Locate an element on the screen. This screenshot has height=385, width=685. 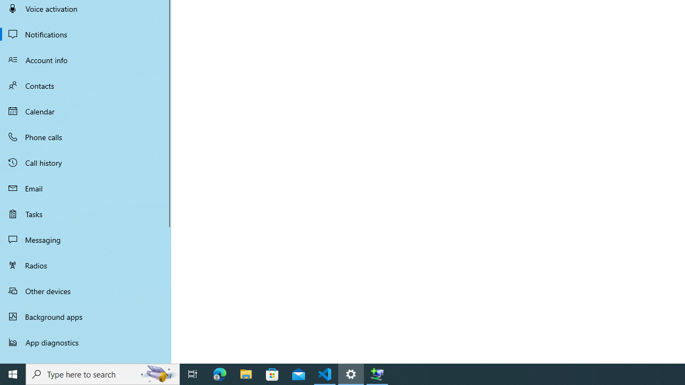
'Radios' is located at coordinates (86, 265).